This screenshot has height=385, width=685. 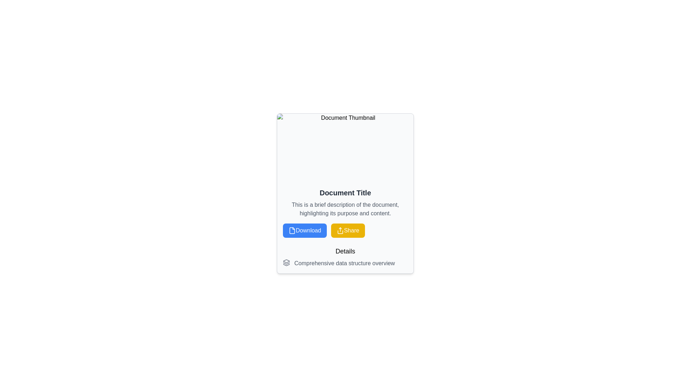 What do you see at coordinates (348, 231) in the screenshot?
I see `the 'Share' button located to the right of the 'Download' button at the bottom of the main card interface` at bounding box center [348, 231].